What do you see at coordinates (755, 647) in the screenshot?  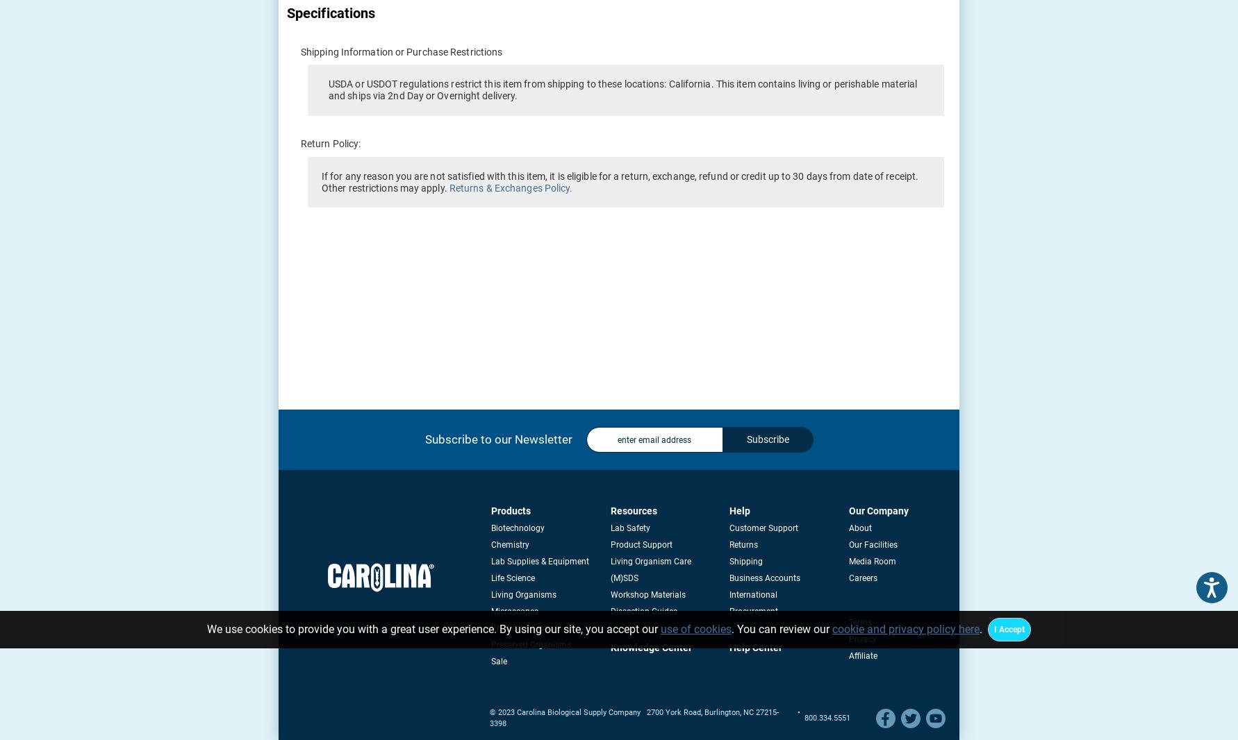 I see `'Help Center'` at bounding box center [755, 647].